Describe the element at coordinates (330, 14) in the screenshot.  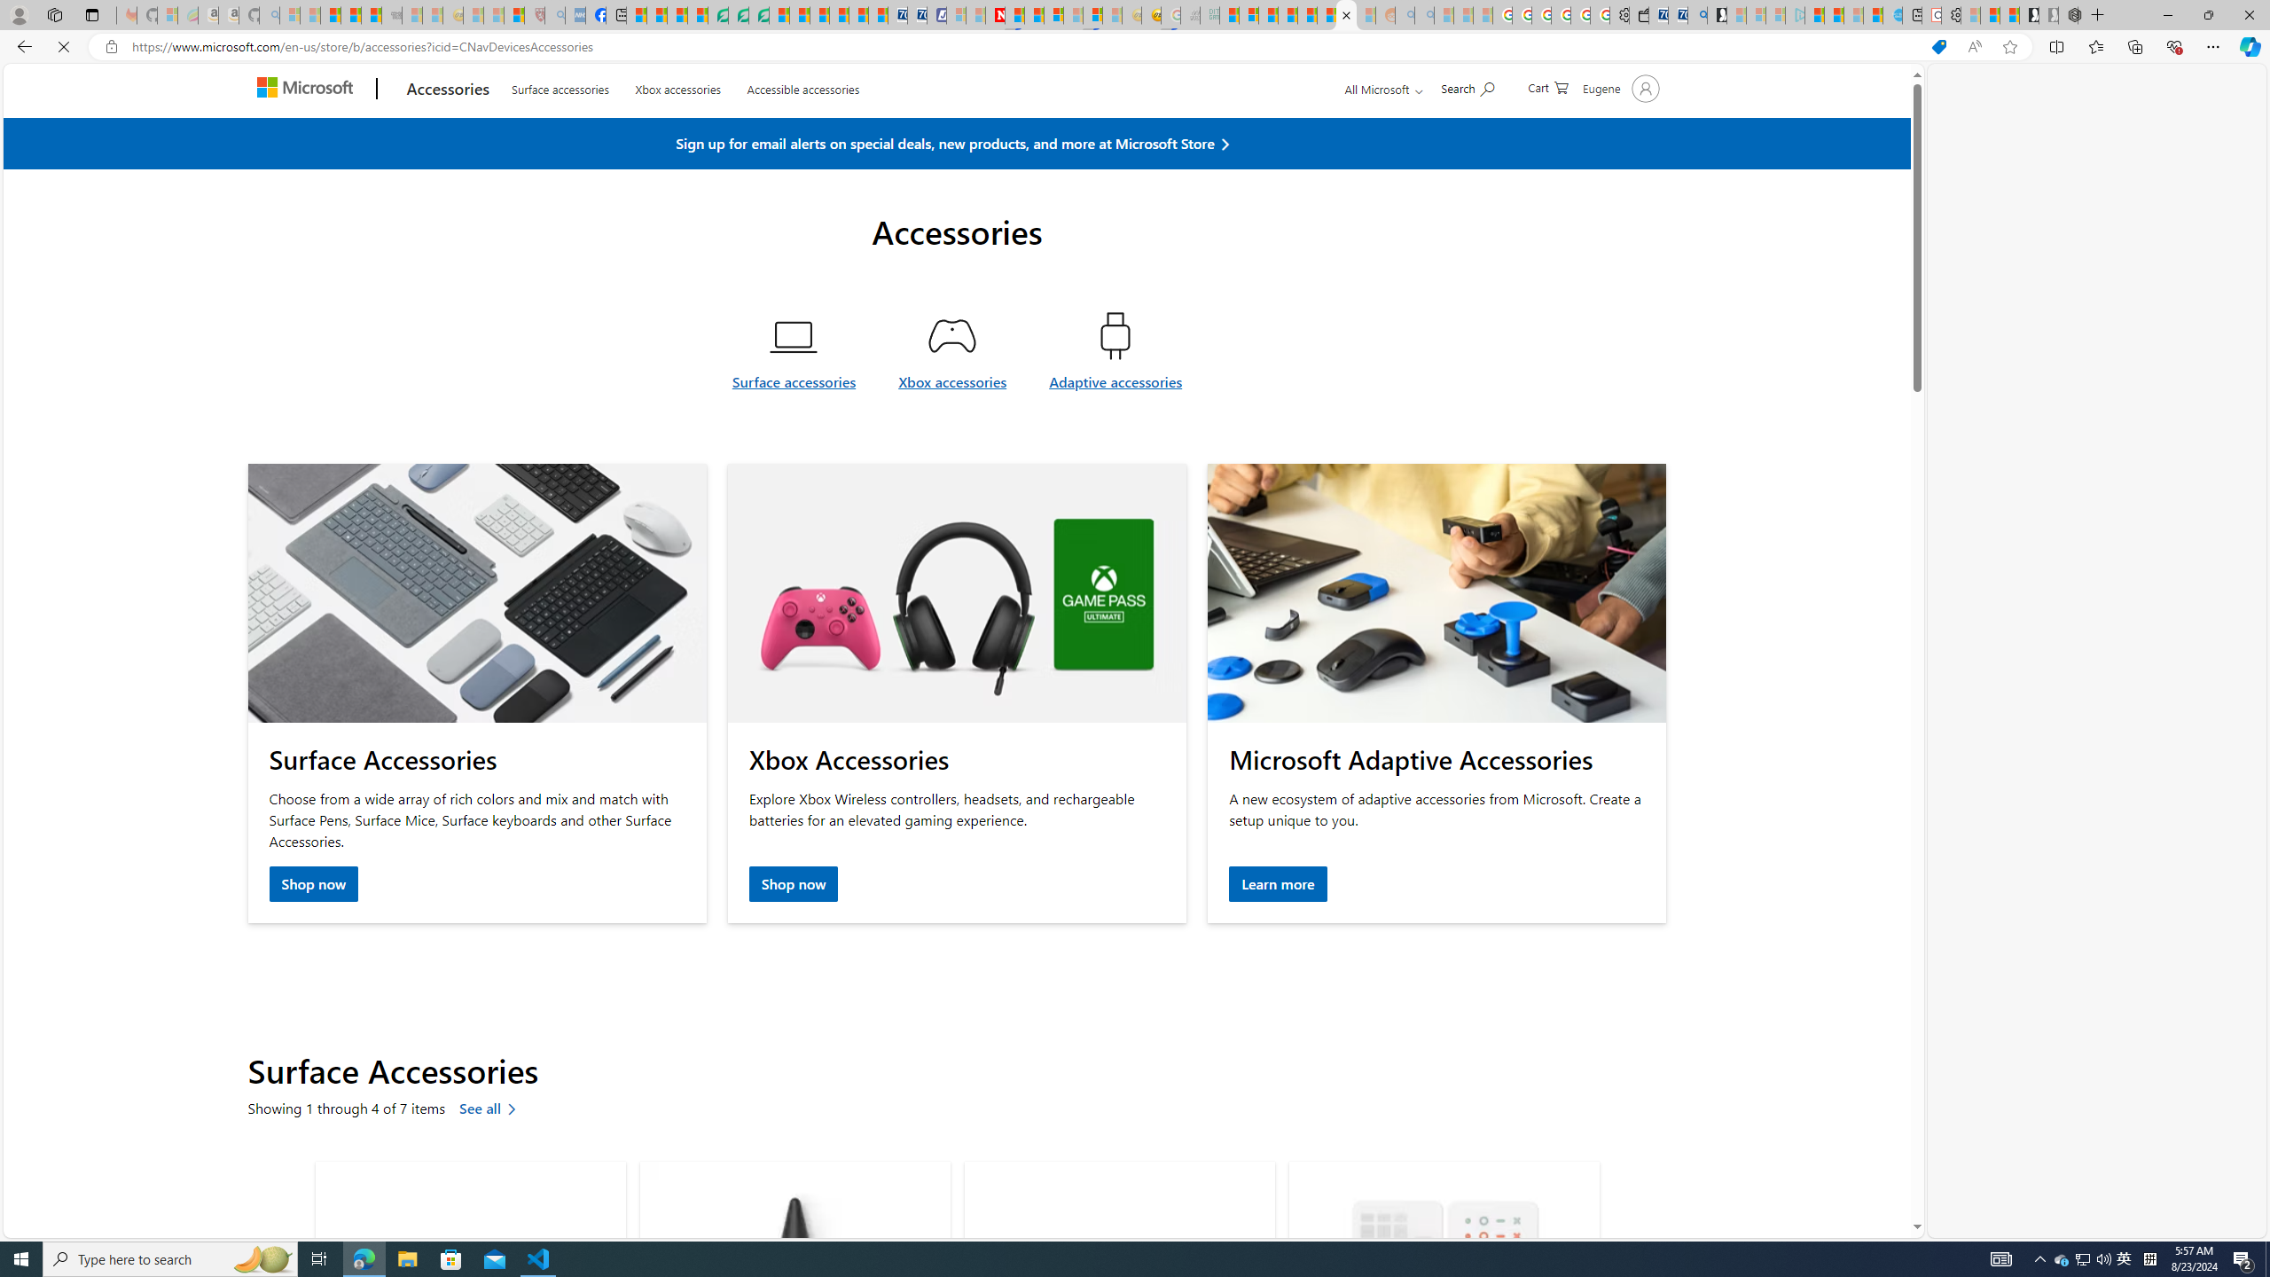
I see `'The Weather Channel - MSN'` at that location.